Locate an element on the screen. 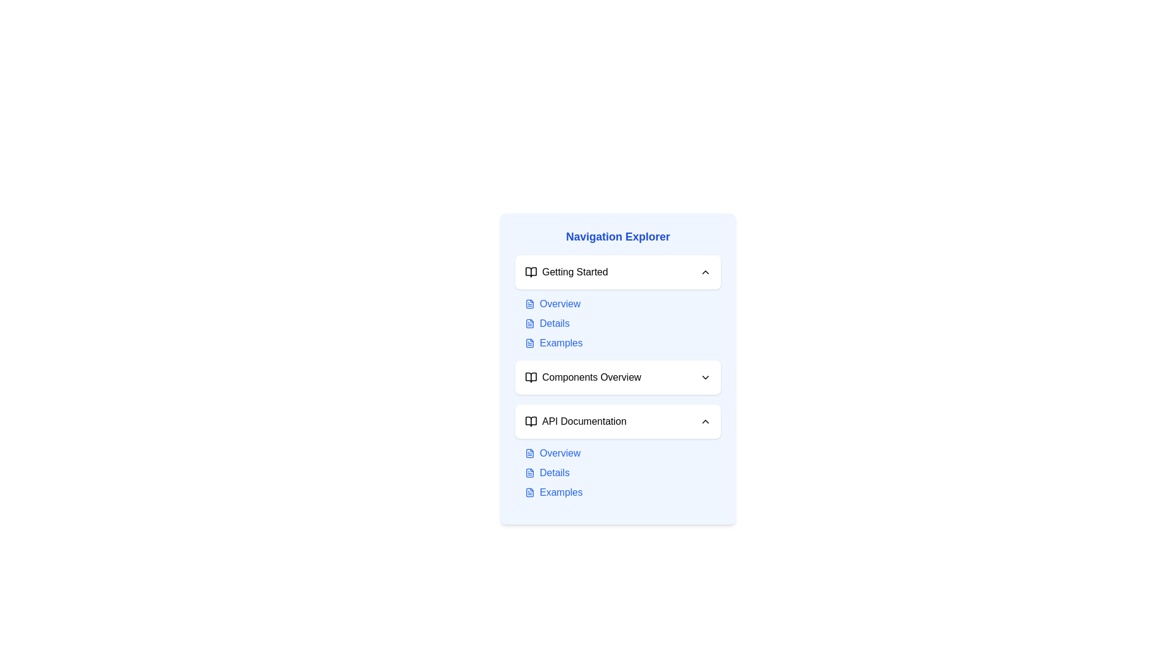  the 'API Documentation' icon located in the navigation menu, which visually represents the documentation section for users is located at coordinates (531, 421).